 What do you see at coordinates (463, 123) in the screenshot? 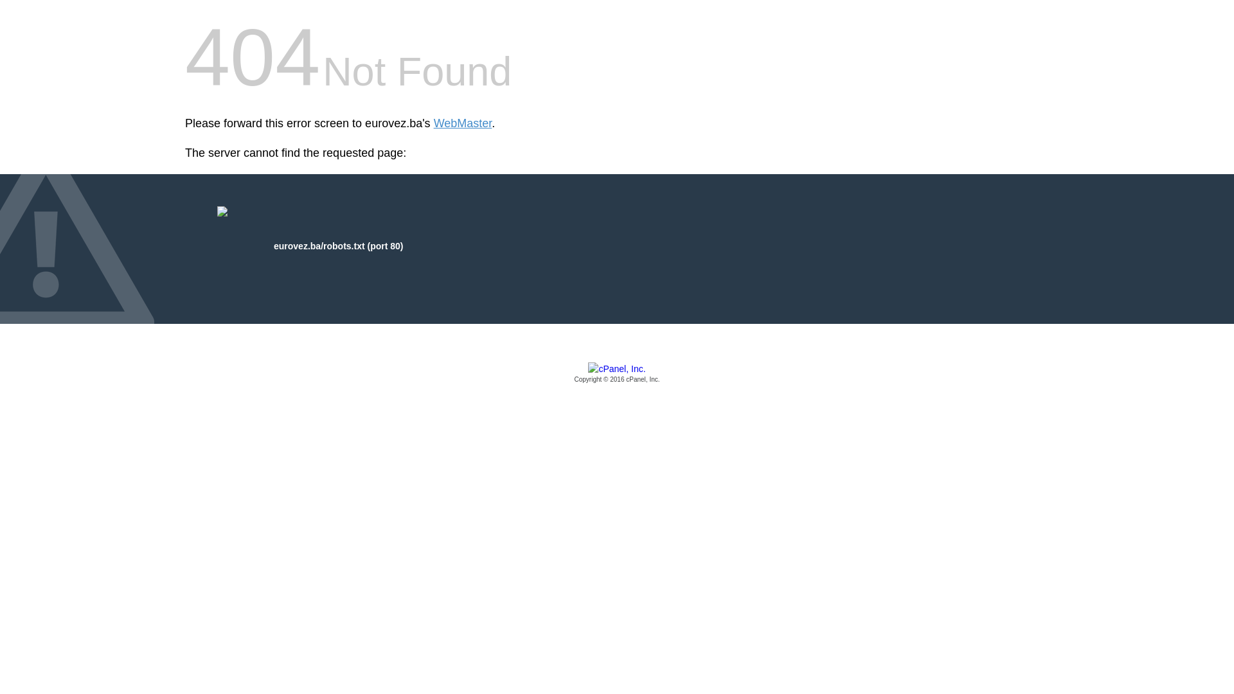
I see `'WebMaster'` at bounding box center [463, 123].